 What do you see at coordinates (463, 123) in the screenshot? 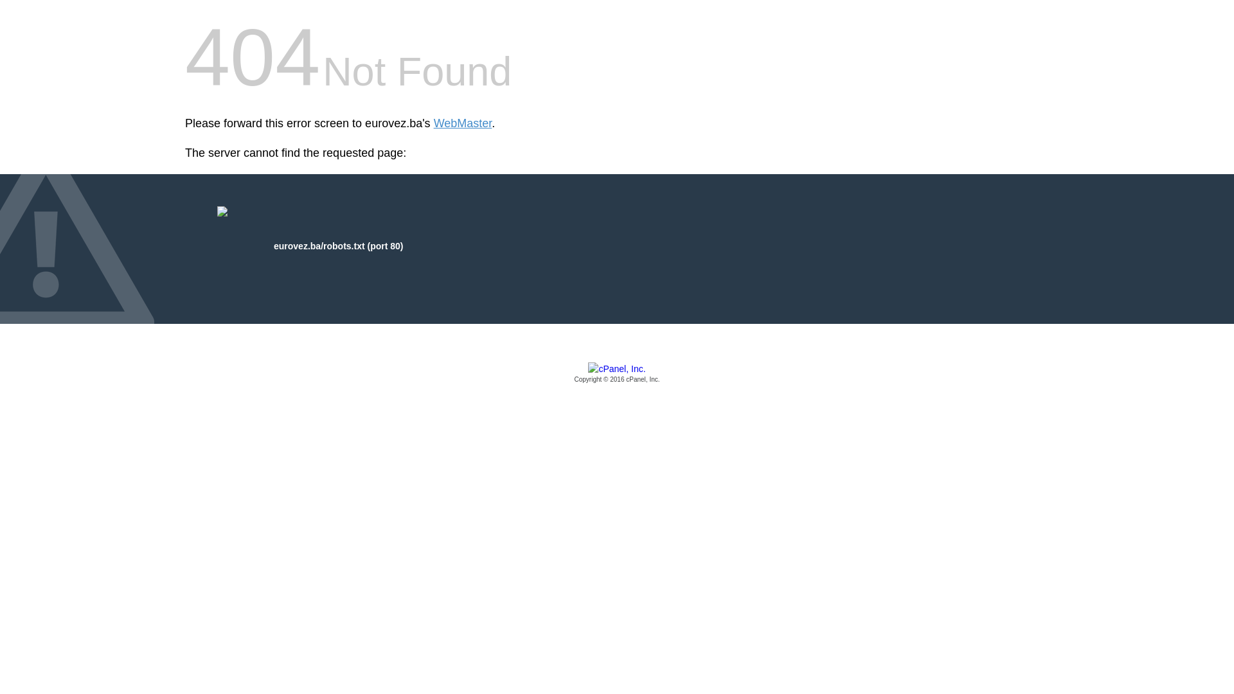
I see `'WebMaster'` at bounding box center [463, 123].